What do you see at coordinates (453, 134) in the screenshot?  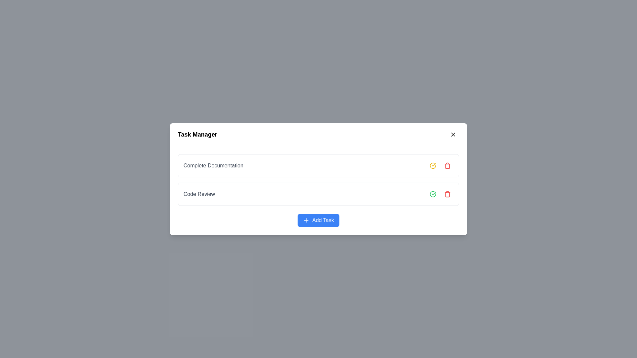 I see `the 'X' icon within the circular button located at the top-right corner of the 'Task Manager' panel` at bounding box center [453, 134].